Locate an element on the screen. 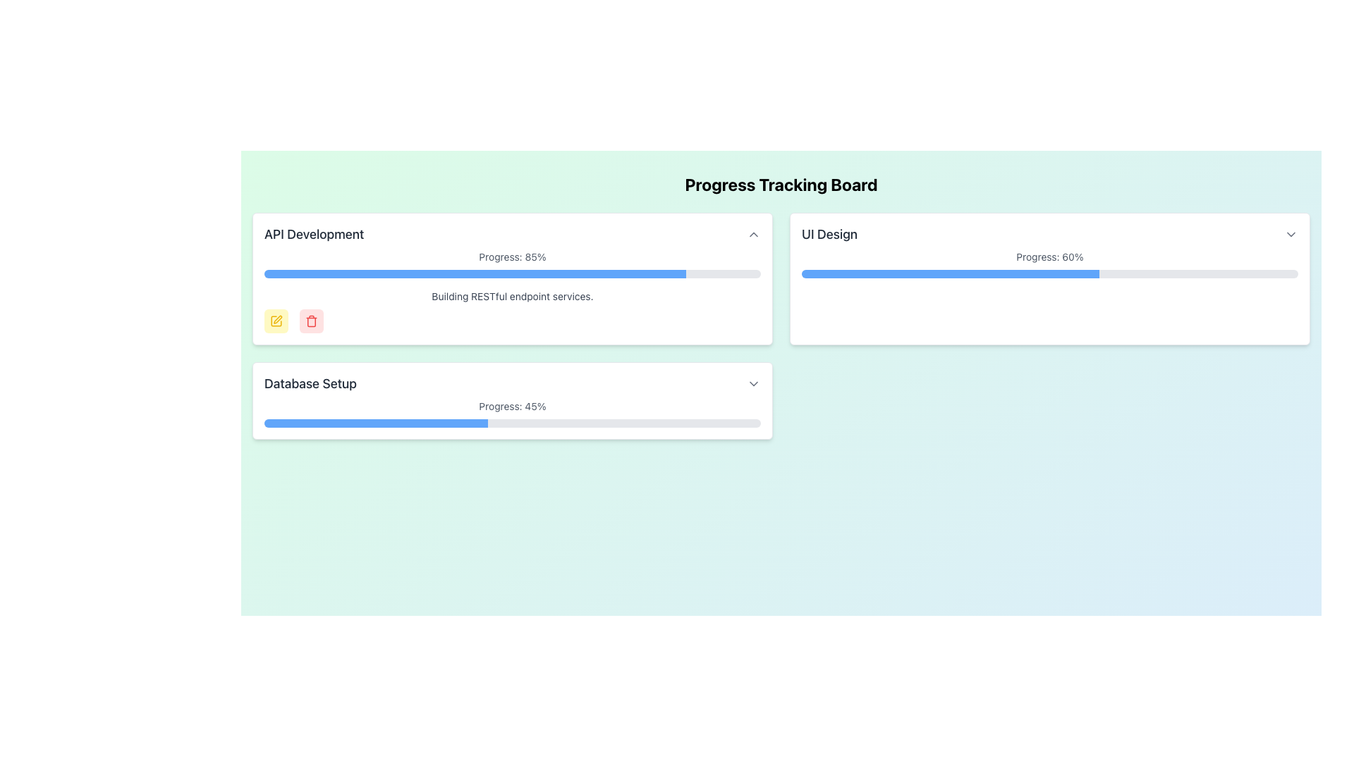  the progress bar indicating 60% progress within the 'UI Design' card, located below the text 'Progress: 60%' is located at coordinates (1049, 274).